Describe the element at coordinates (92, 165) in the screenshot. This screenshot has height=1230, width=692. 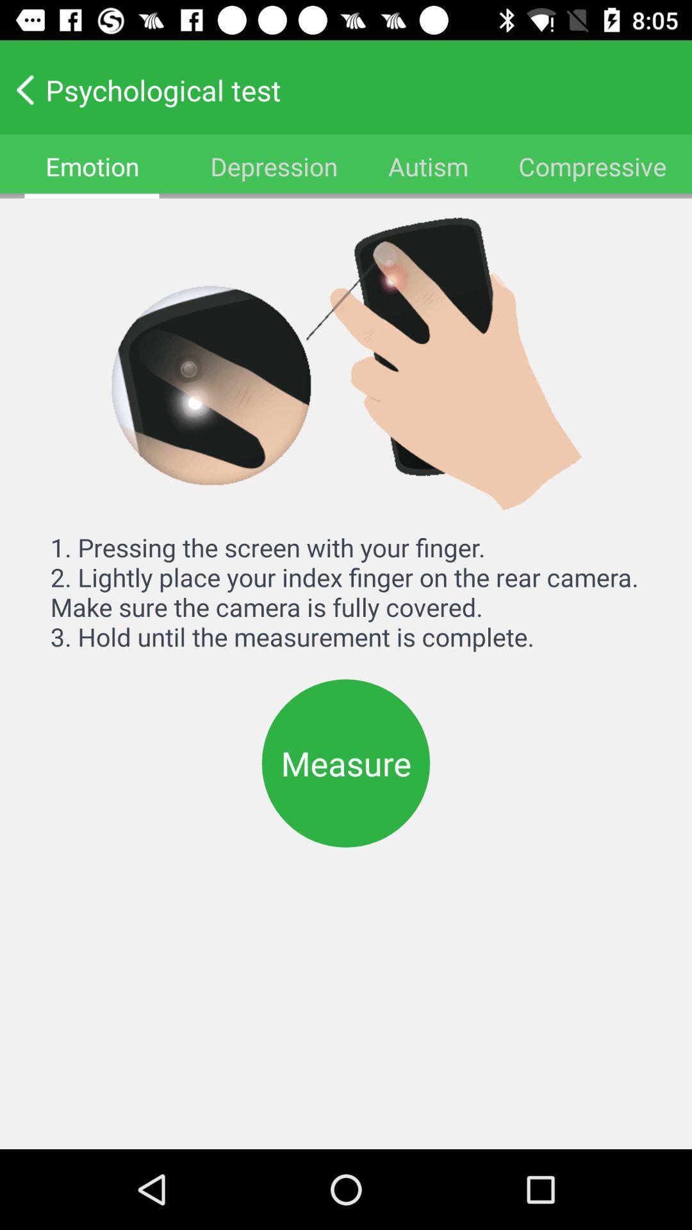
I see `the icon at the top left corner` at that location.